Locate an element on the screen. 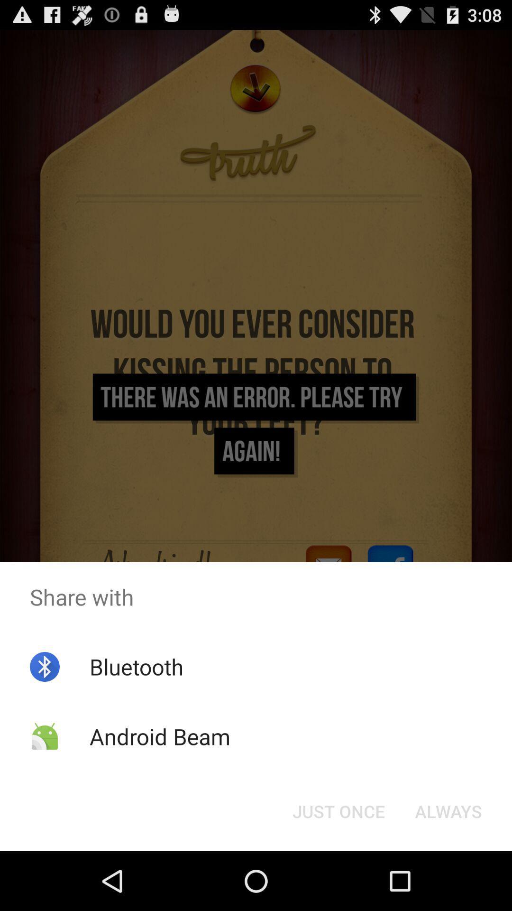  the item below the share with icon is located at coordinates (338, 810).